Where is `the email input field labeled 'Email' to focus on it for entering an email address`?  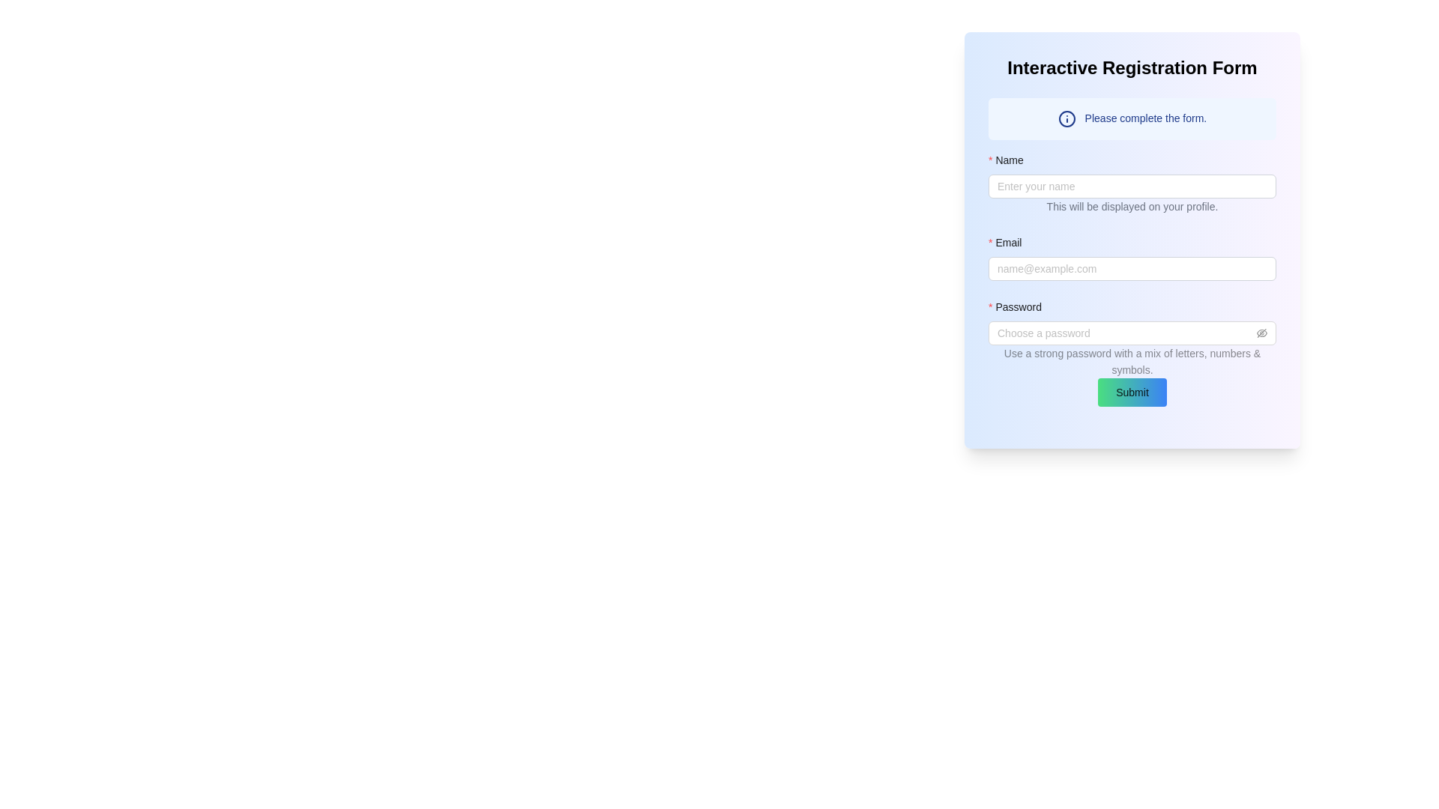 the email input field labeled 'Email' to focus on it for entering an email address is located at coordinates (1132, 251).